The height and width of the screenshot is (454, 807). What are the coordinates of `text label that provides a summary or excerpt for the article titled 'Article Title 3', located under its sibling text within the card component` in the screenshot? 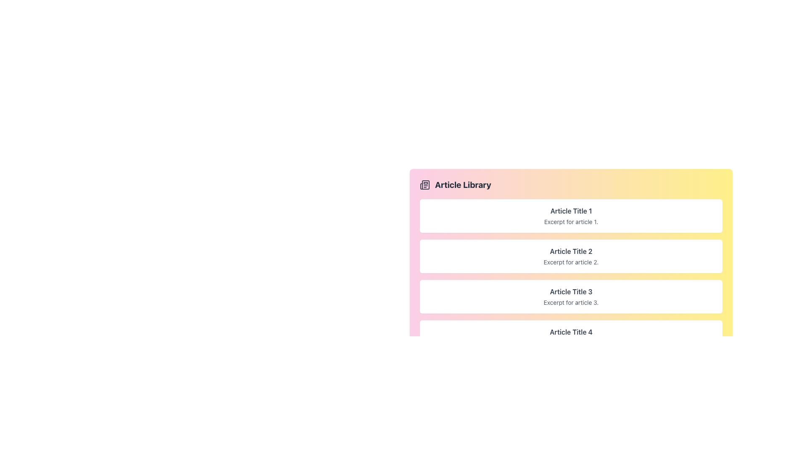 It's located at (571, 303).